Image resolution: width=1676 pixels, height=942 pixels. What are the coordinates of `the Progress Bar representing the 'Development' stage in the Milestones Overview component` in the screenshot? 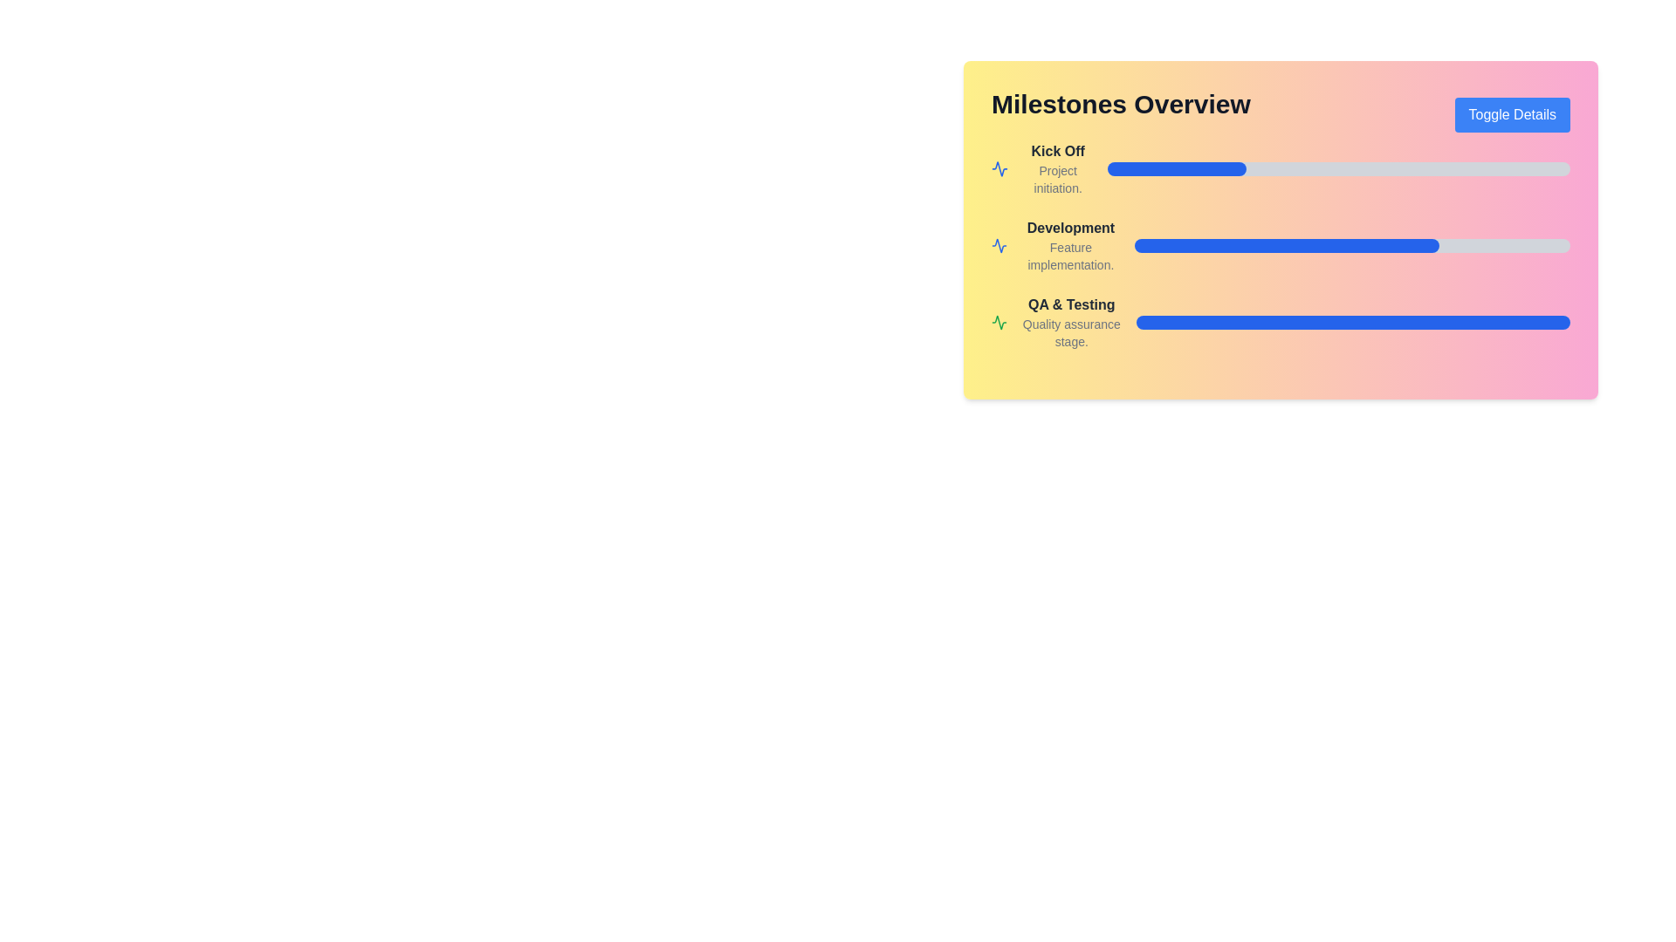 It's located at (1281, 245).